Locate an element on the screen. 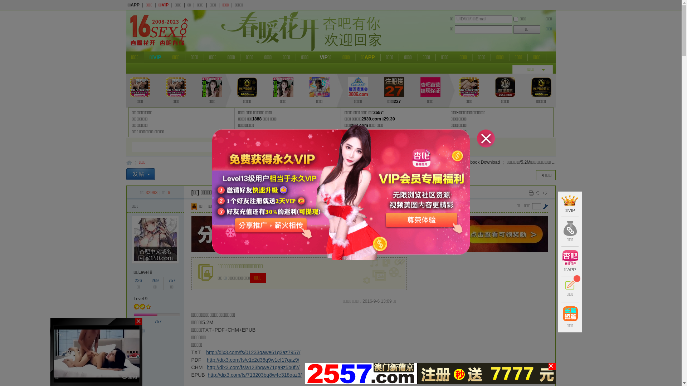 This screenshot has width=687, height=386. 'http://dix3.com/fs/01233qawe61q3az7957/' is located at coordinates (253, 352).